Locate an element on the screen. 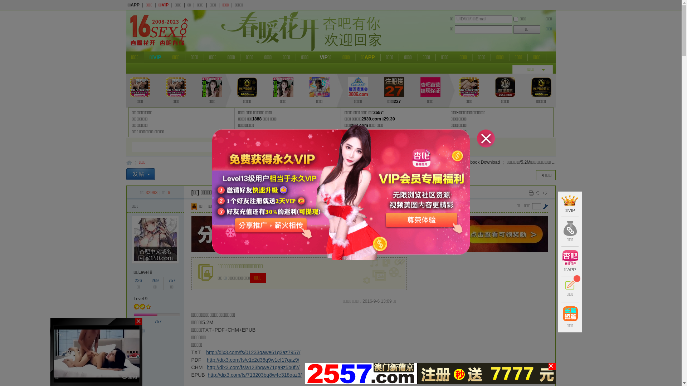 This screenshot has width=687, height=386. 'http://dix3.com/fs/01233qawe61q3az7957/' is located at coordinates (253, 352).